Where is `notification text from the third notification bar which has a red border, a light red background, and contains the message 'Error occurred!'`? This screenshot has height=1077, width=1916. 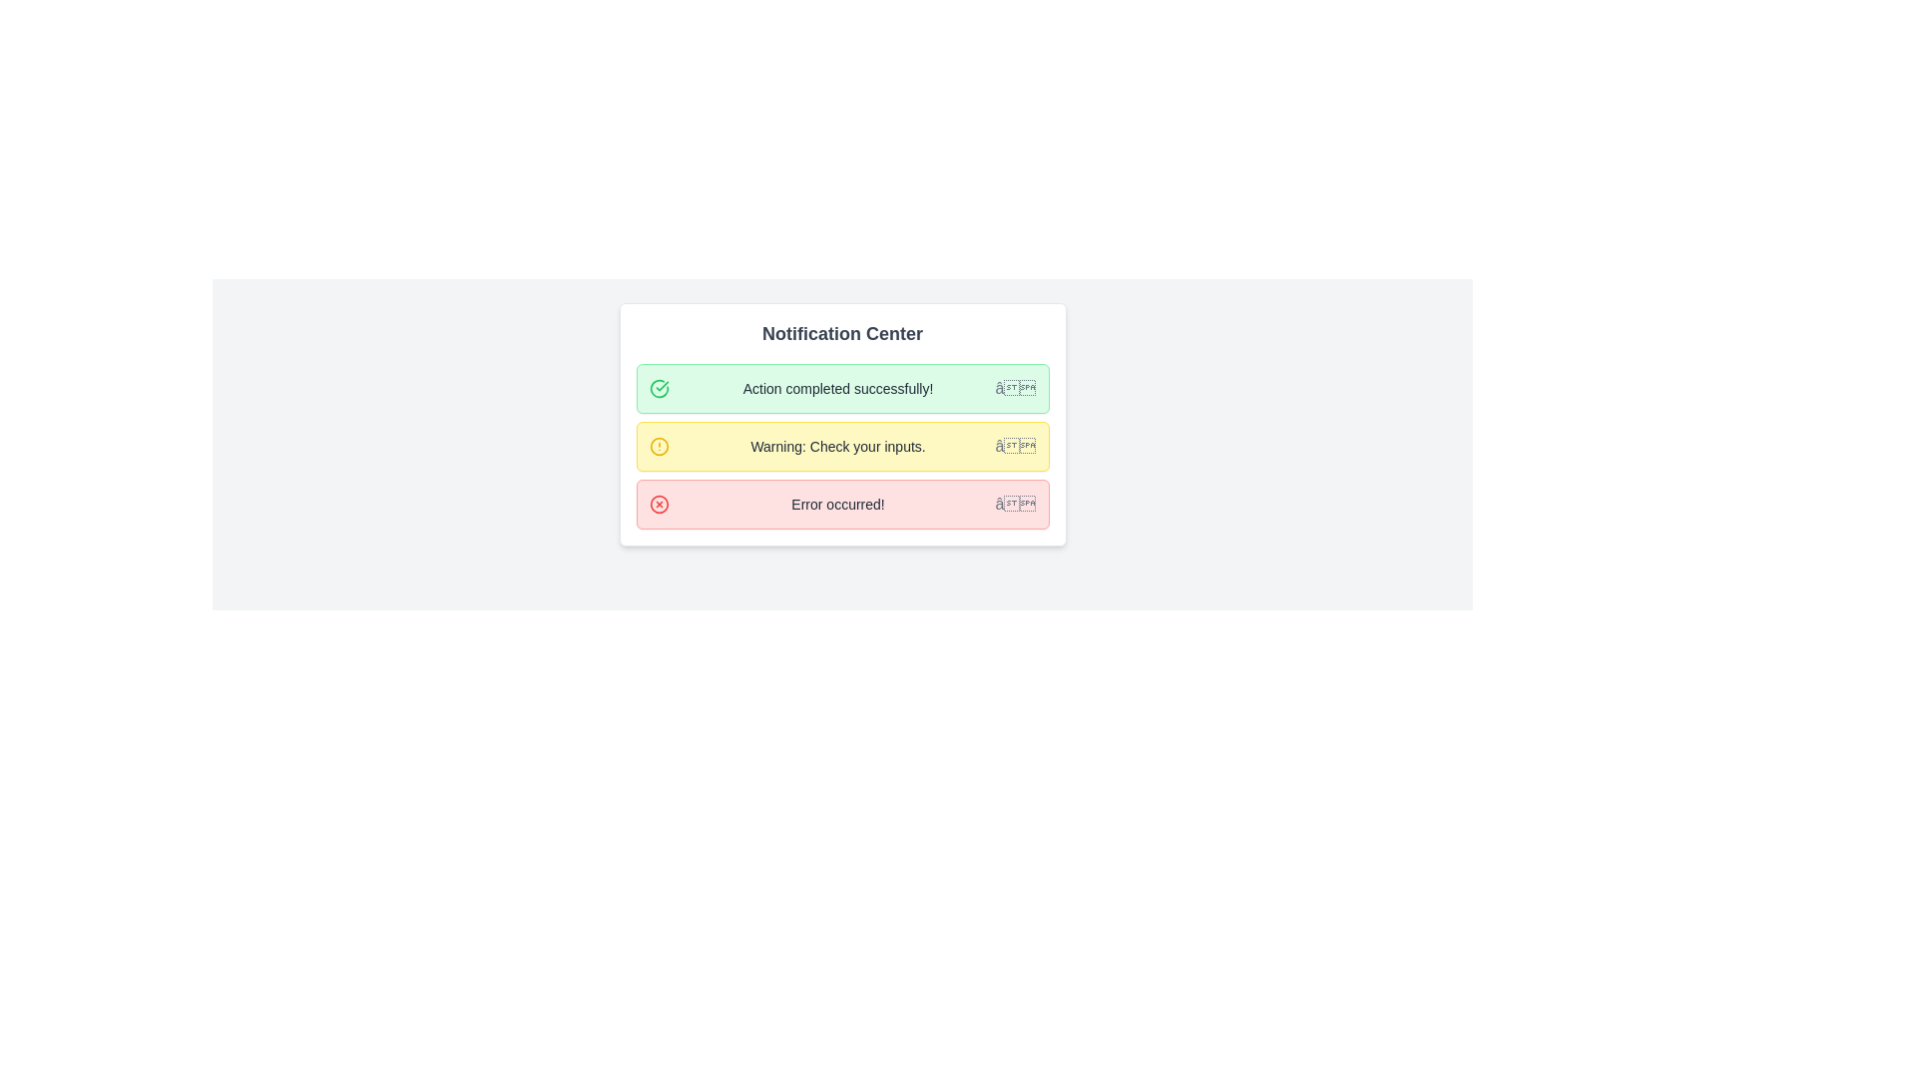
notification text from the third notification bar which has a red border, a light red background, and contains the message 'Error occurred!' is located at coordinates (842, 503).